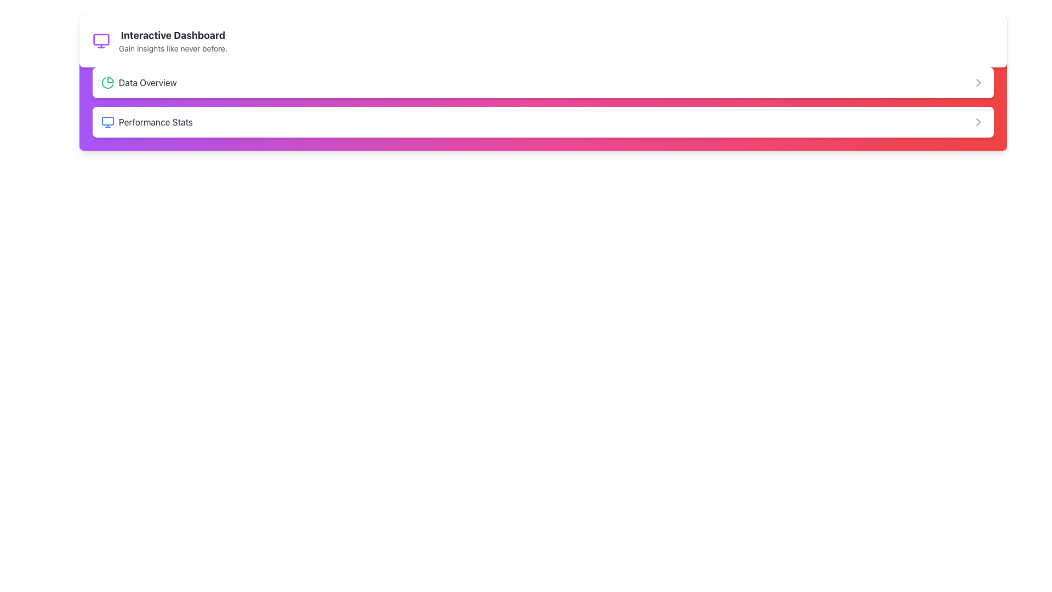 The height and width of the screenshot is (592, 1052). Describe the element at coordinates (107, 82) in the screenshot. I see `the green pie chart icon located to the left of the 'Data Overview' text, which is part of a grouped component with the same text` at that location.